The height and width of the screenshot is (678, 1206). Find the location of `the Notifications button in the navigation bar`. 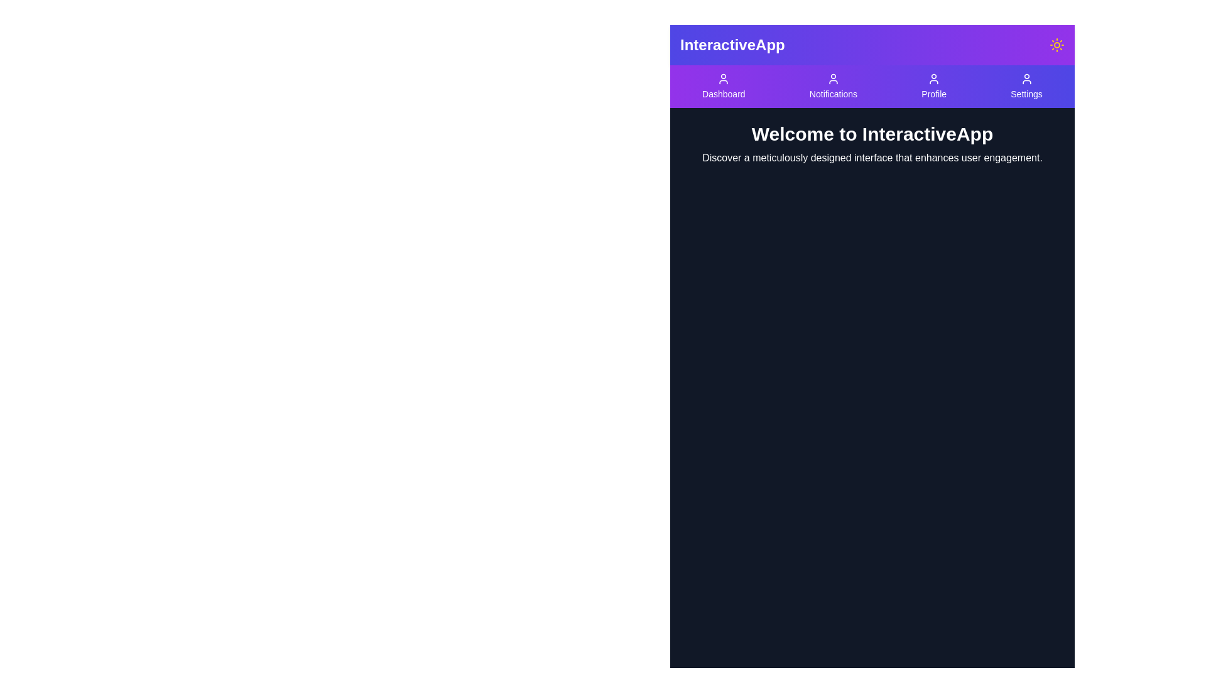

the Notifications button in the navigation bar is located at coordinates (833, 86).